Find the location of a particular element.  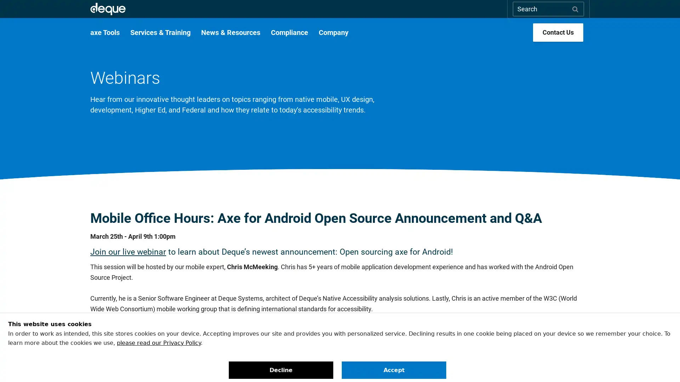

Submit is located at coordinates (575, 8).